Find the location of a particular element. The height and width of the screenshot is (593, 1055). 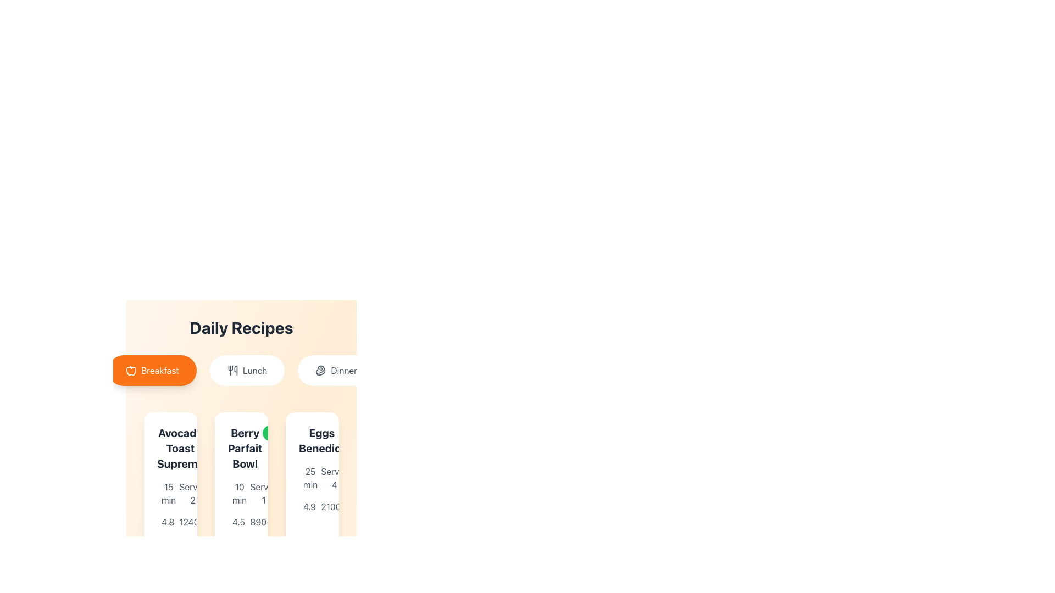

the label displaying '10 min' with an orange clock icon, which is part of the recipe description for 'Berry Parfait Bowl' is located at coordinates (232, 493).